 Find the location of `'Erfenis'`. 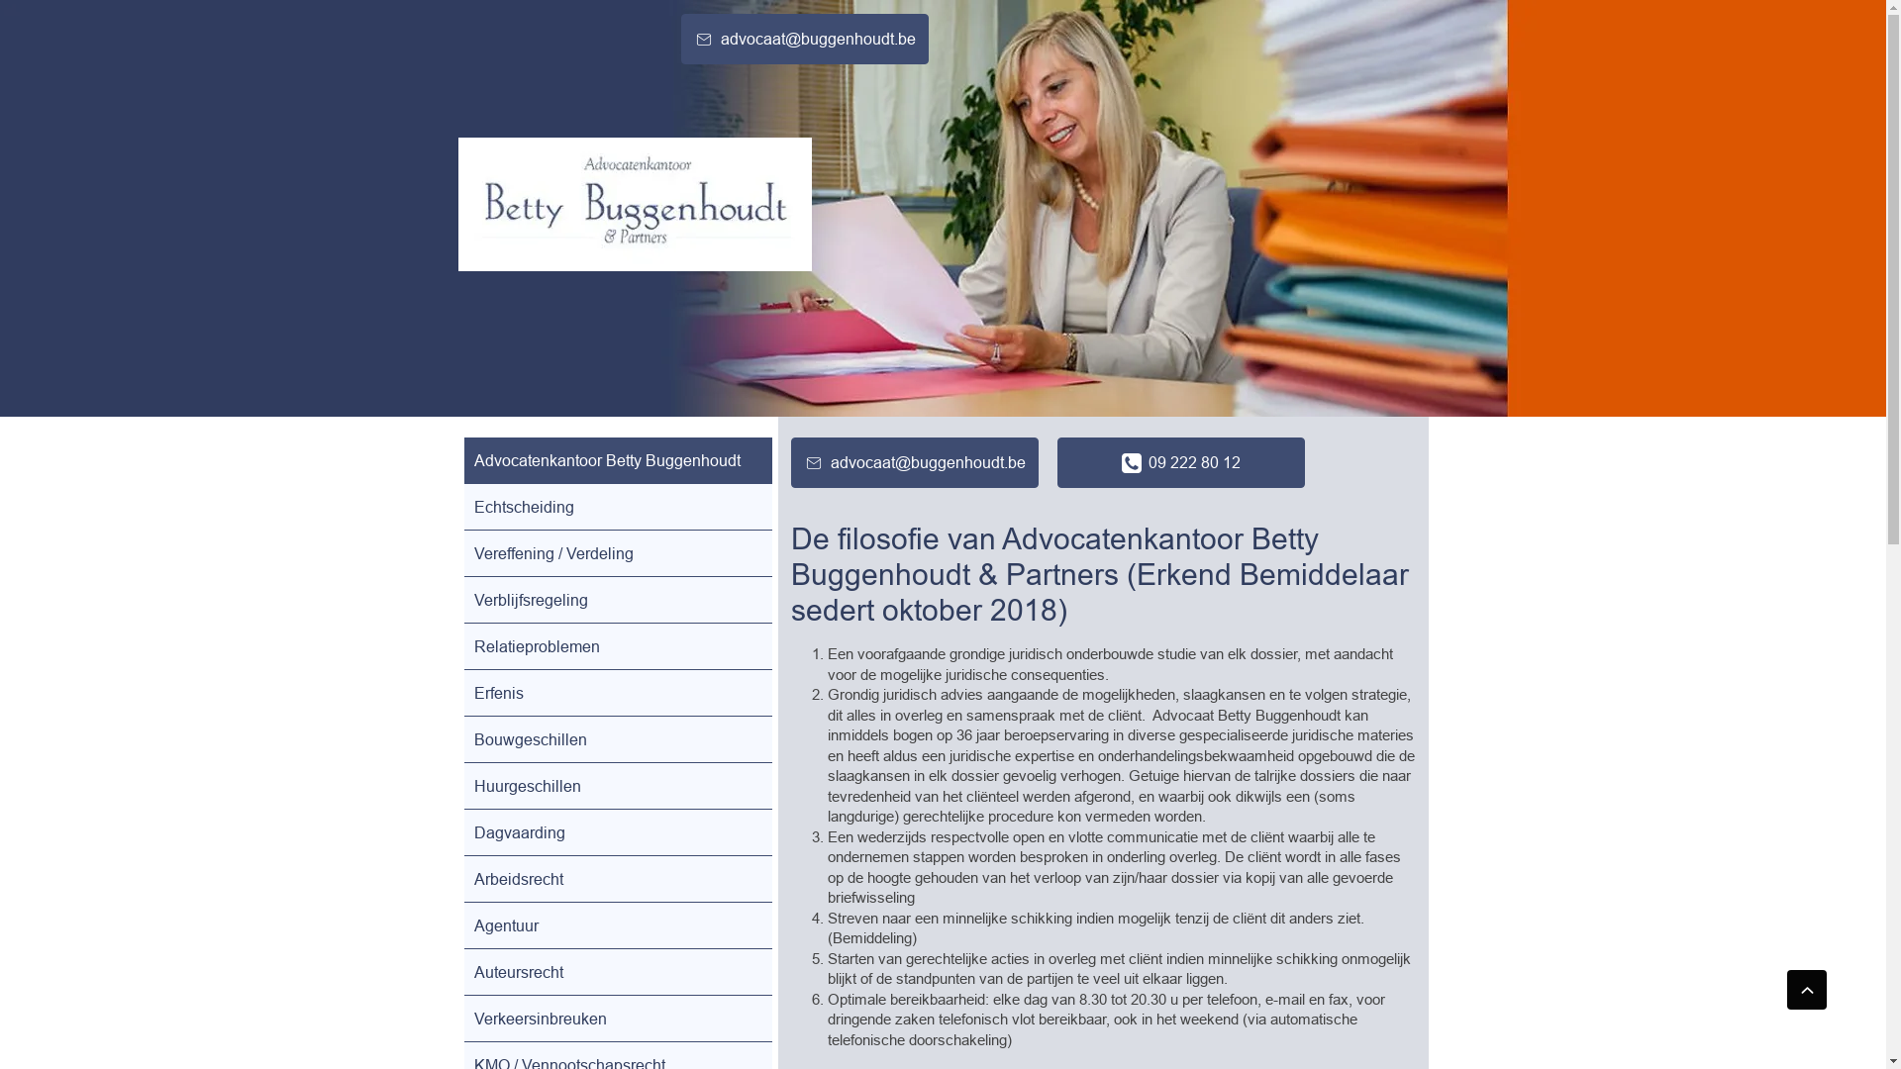

'Erfenis' is located at coordinates (616, 691).